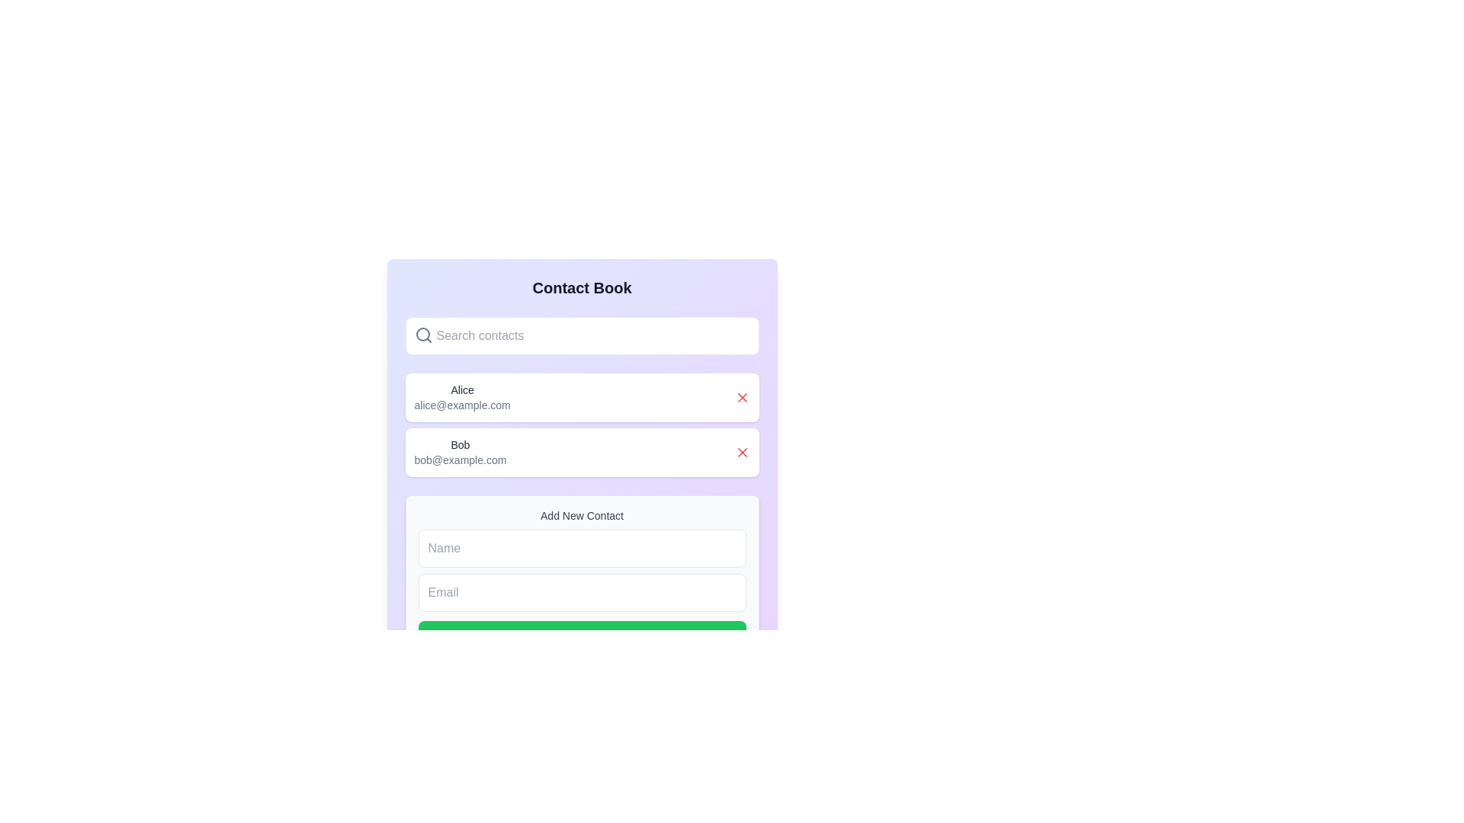 This screenshot has width=1464, height=823. Describe the element at coordinates (459, 444) in the screenshot. I see `text label for the contact entry located in the second contact block, positioned above the email address 'bob@example.com' and to the left of the delete button` at that location.